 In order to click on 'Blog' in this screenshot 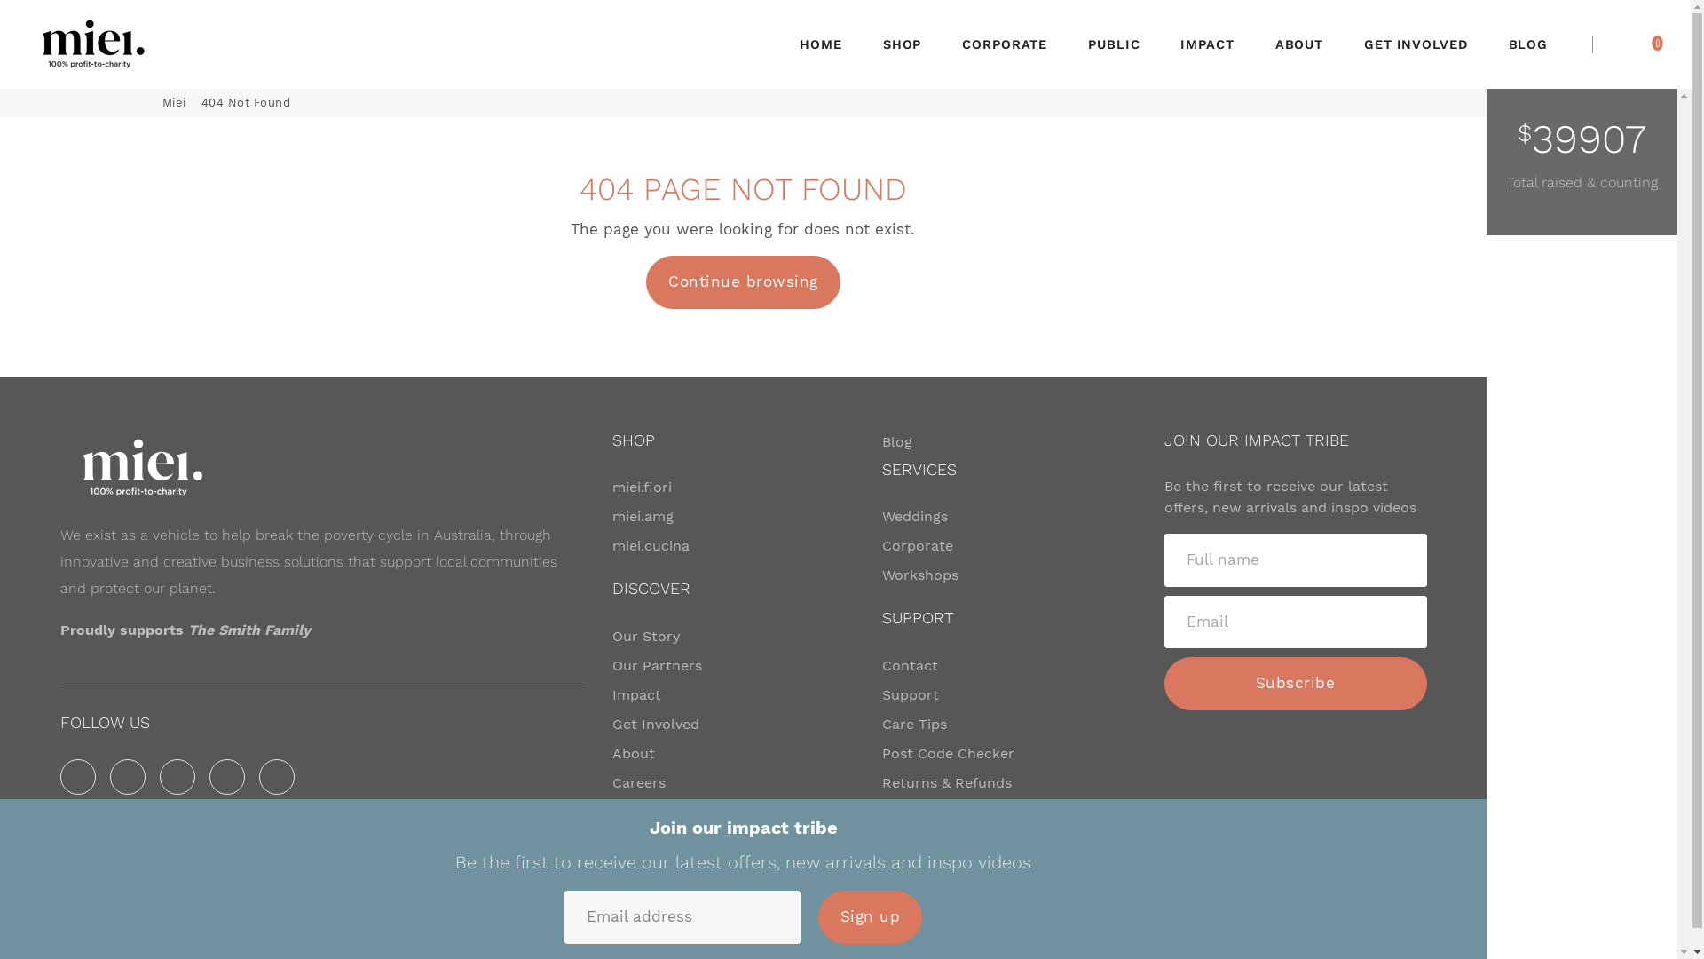, I will do `click(897, 440)`.